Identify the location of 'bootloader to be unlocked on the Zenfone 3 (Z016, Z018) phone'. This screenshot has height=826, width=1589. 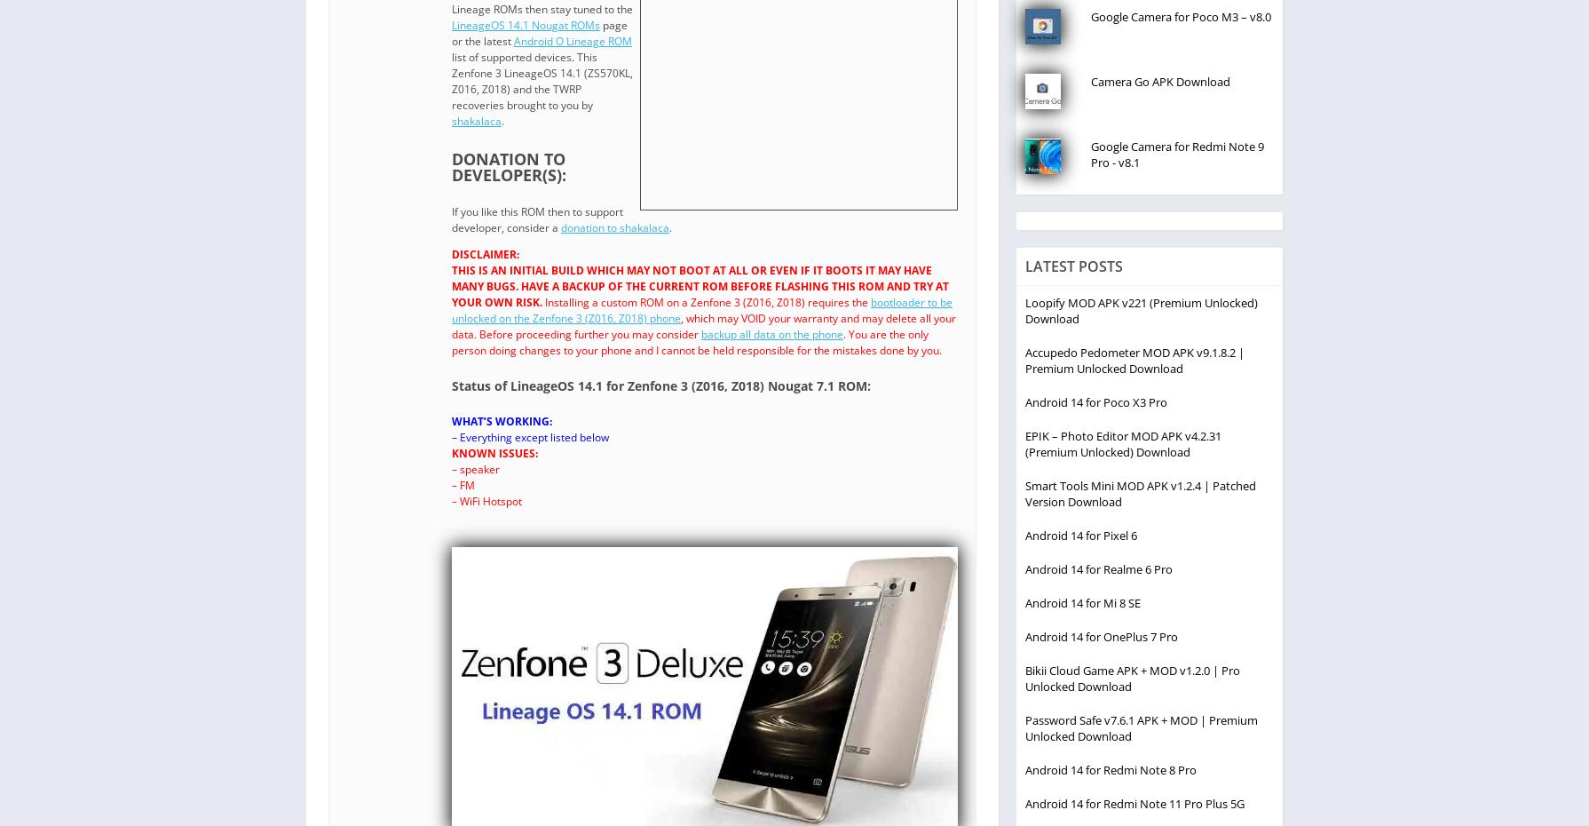
(701, 309).